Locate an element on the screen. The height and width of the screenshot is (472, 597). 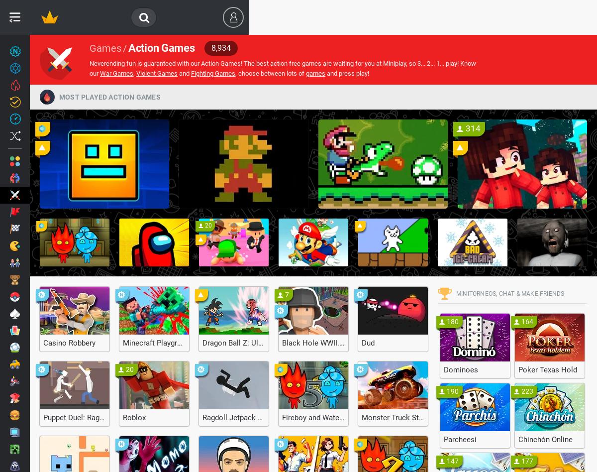
'/' is located at coordinates (124, 48).